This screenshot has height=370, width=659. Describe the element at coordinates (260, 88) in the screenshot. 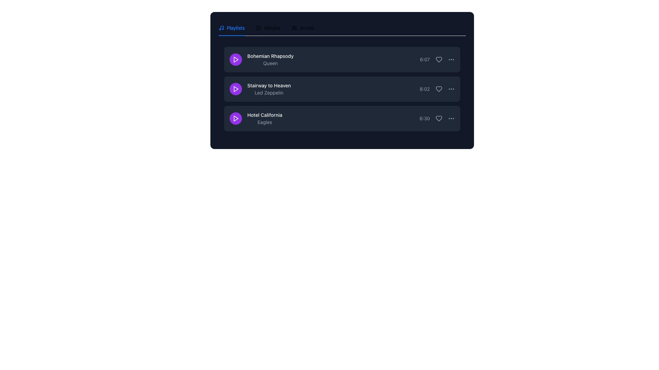

I see `the Text Display element that shows the title and artist of a song, located in the second row of the playlist interface, to possibly see more details` at that location.